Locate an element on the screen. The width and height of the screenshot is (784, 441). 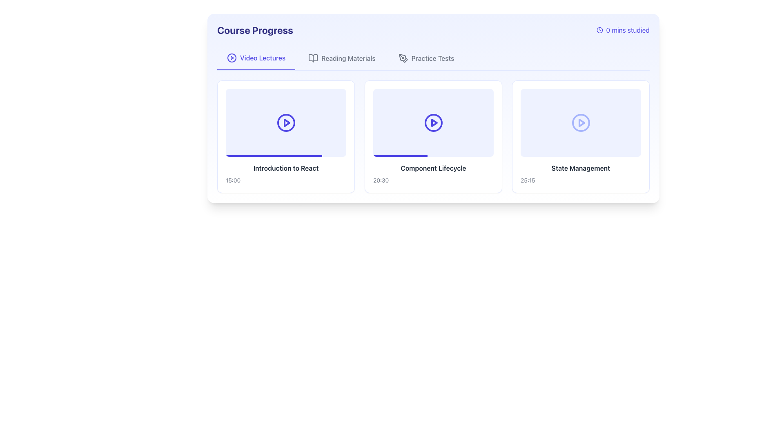
the bookmark button located in the bottom-right corner of the 'Introduction to React' course card to bookmark the course for quick access is located at coordinates (342, 179).